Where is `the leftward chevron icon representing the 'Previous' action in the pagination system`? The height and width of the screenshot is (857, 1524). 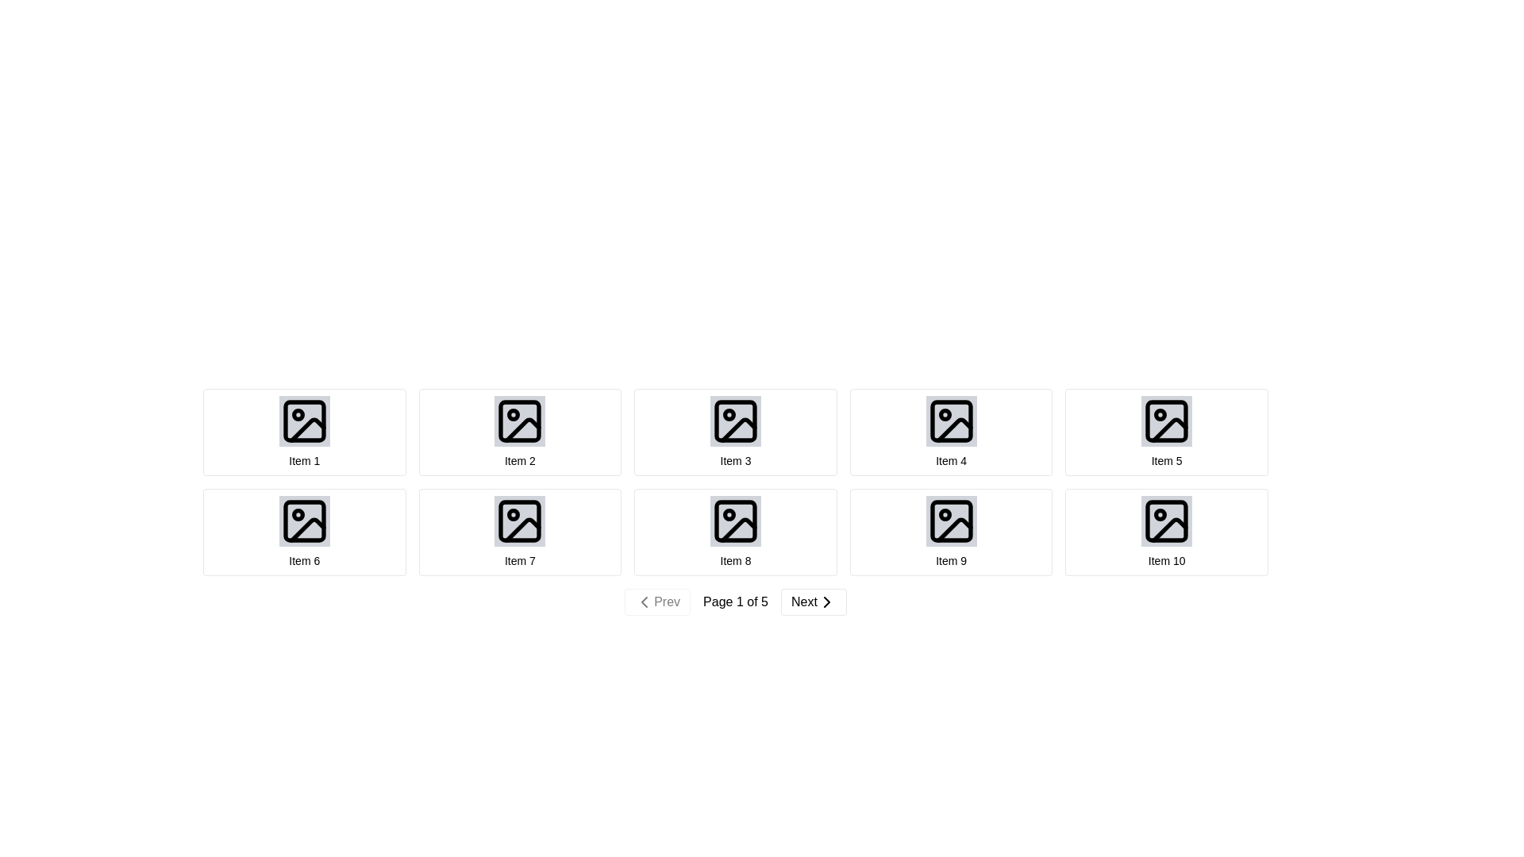 the leftward chevron icon representing the 'Previous' action in the pagination system is located at coordinates (645, 602).